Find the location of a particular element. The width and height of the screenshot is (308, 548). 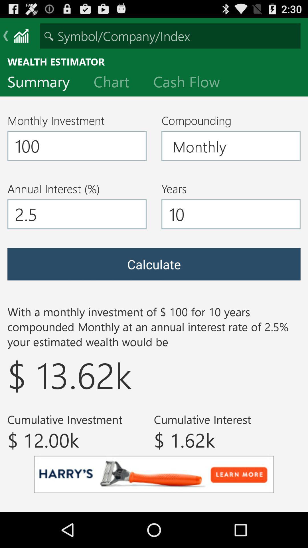

the chart icon is located at coordinates (116, 83).